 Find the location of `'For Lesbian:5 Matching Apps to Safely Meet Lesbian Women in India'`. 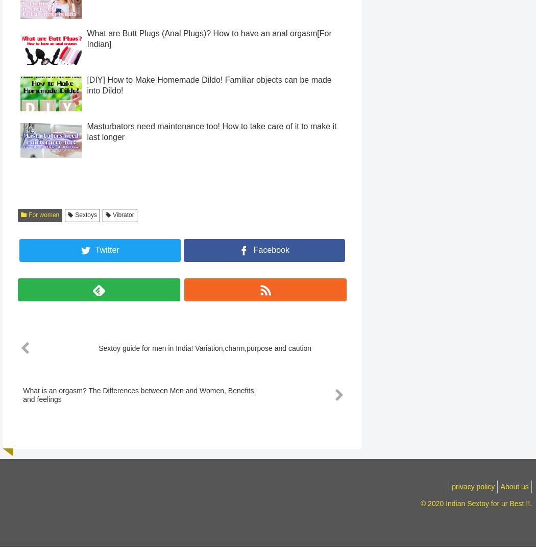

'For Lesbian:5 Matching Apps to Safely Meet Lesbian Women in India' is located at coordinates (211, 5).